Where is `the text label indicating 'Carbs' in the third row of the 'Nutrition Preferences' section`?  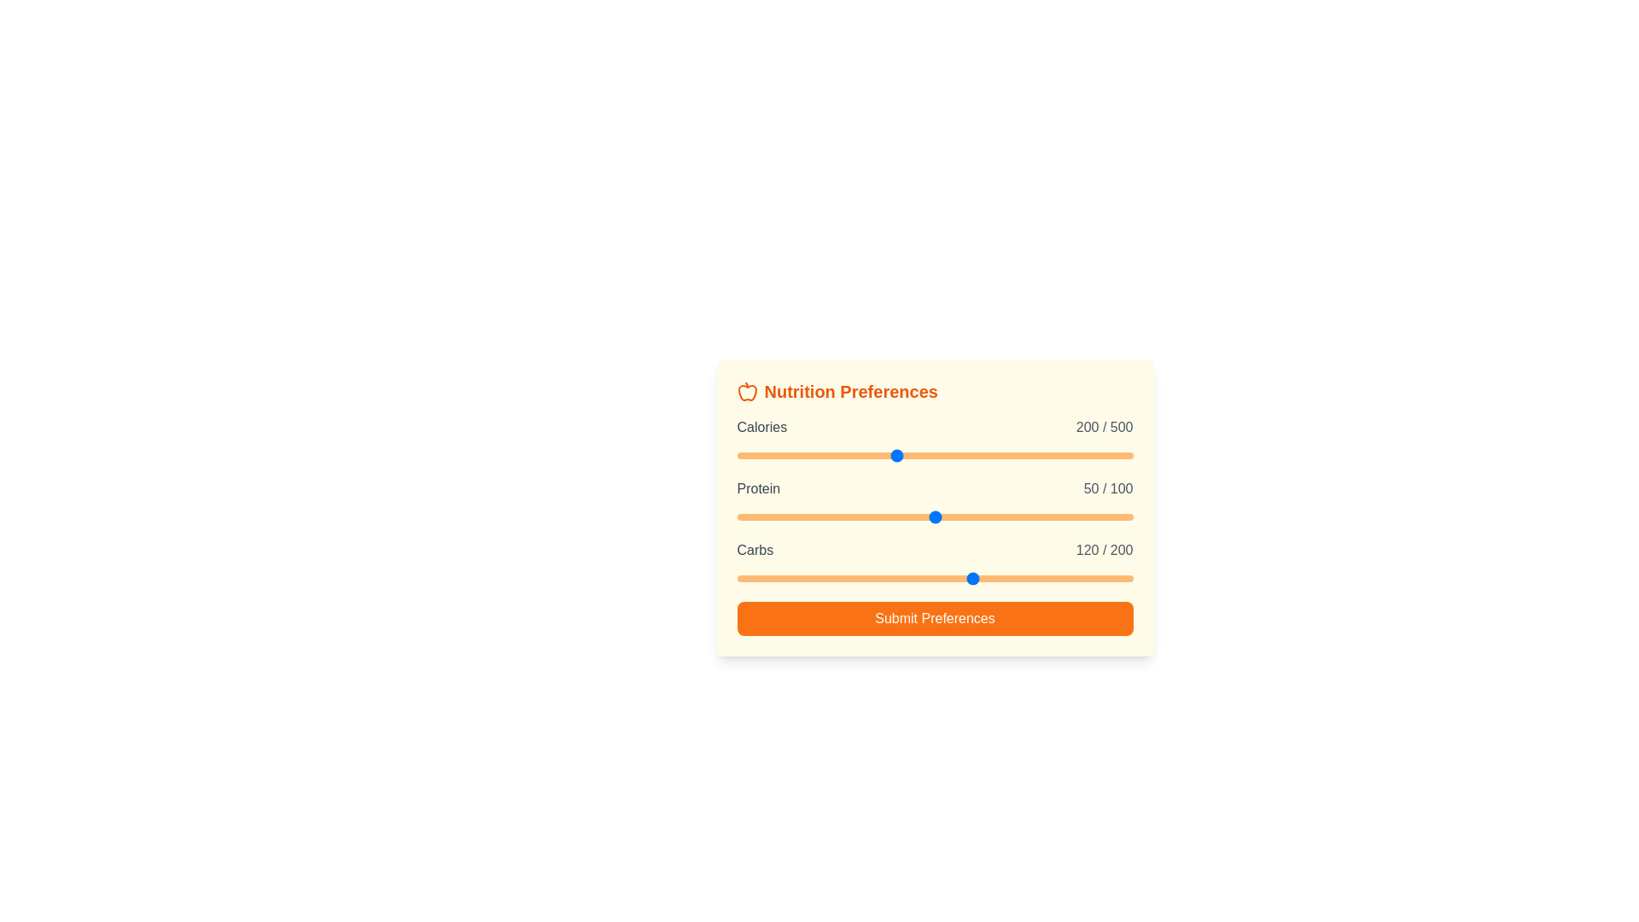 the text label indicating 'Carbs' in the third row of the 'Nutrition Preferences' section is located at coordinates (754, 550).